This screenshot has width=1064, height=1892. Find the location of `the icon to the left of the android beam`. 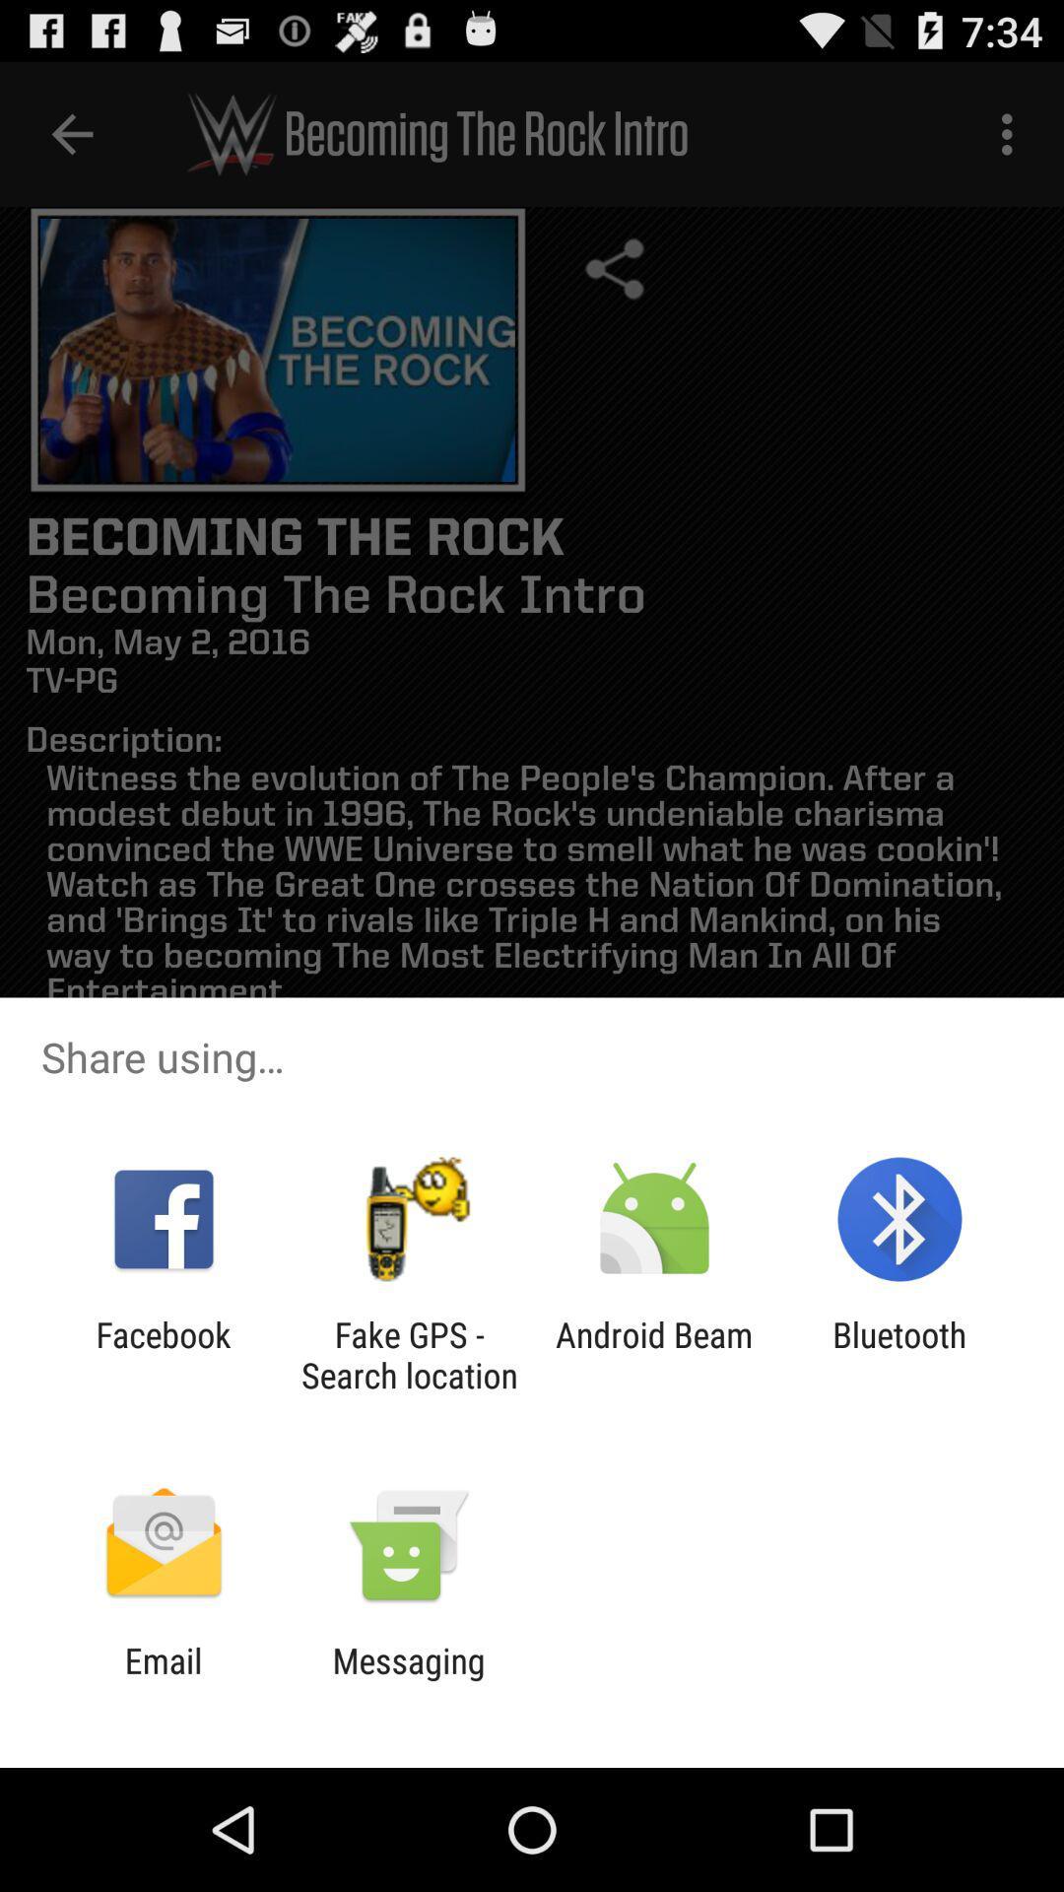

the icon to the left of the android beam is located at coordinates (408, 1354).